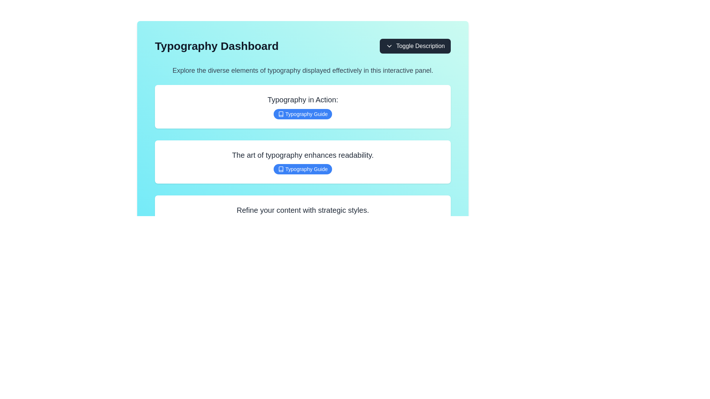 Image resolution: width=710 pixels, height=399 pixels. I want to click on the page or section header, so click(216, 46).